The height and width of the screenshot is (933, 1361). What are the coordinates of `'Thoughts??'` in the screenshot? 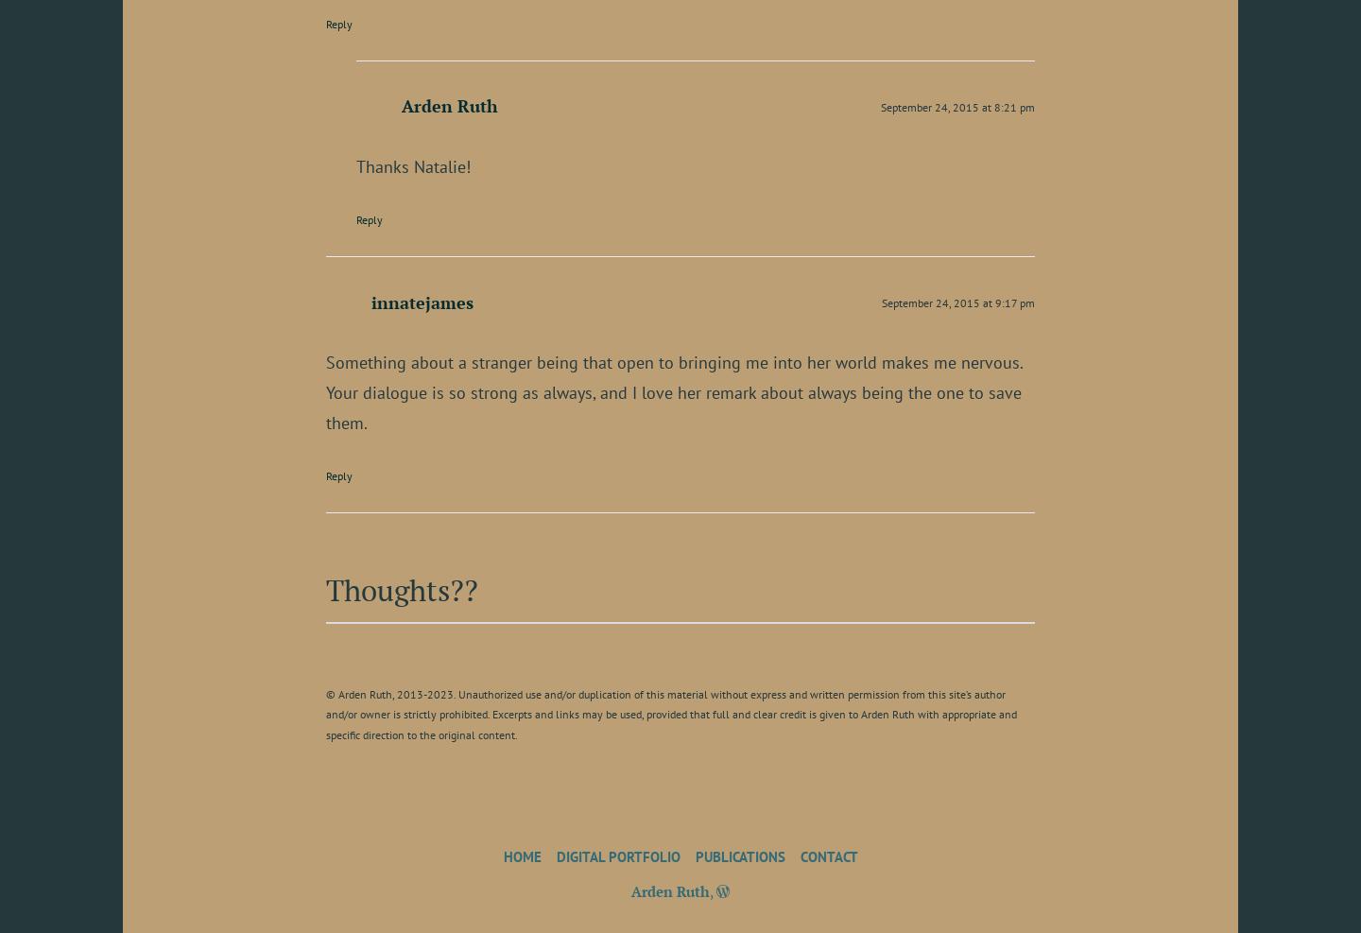 It's located at (326, 588).